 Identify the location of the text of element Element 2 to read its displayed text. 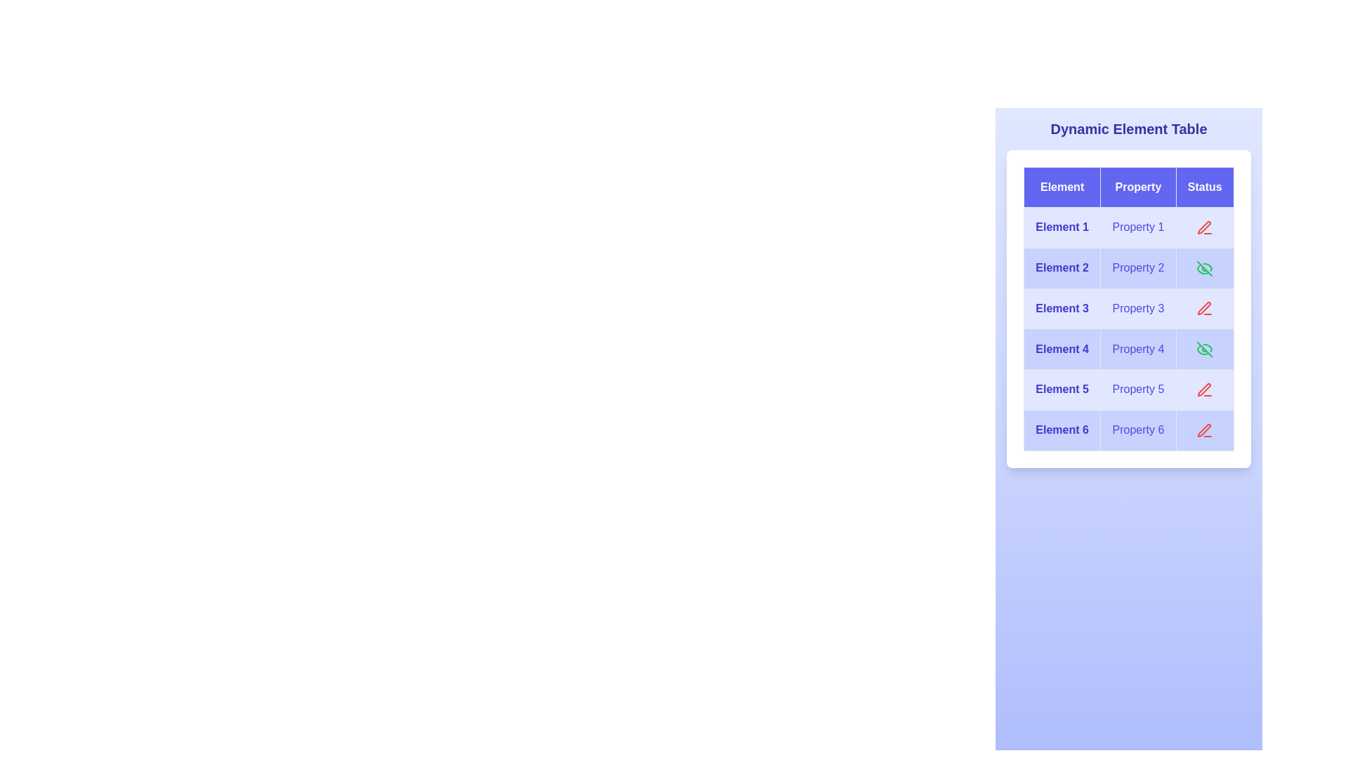
(1062, 268).